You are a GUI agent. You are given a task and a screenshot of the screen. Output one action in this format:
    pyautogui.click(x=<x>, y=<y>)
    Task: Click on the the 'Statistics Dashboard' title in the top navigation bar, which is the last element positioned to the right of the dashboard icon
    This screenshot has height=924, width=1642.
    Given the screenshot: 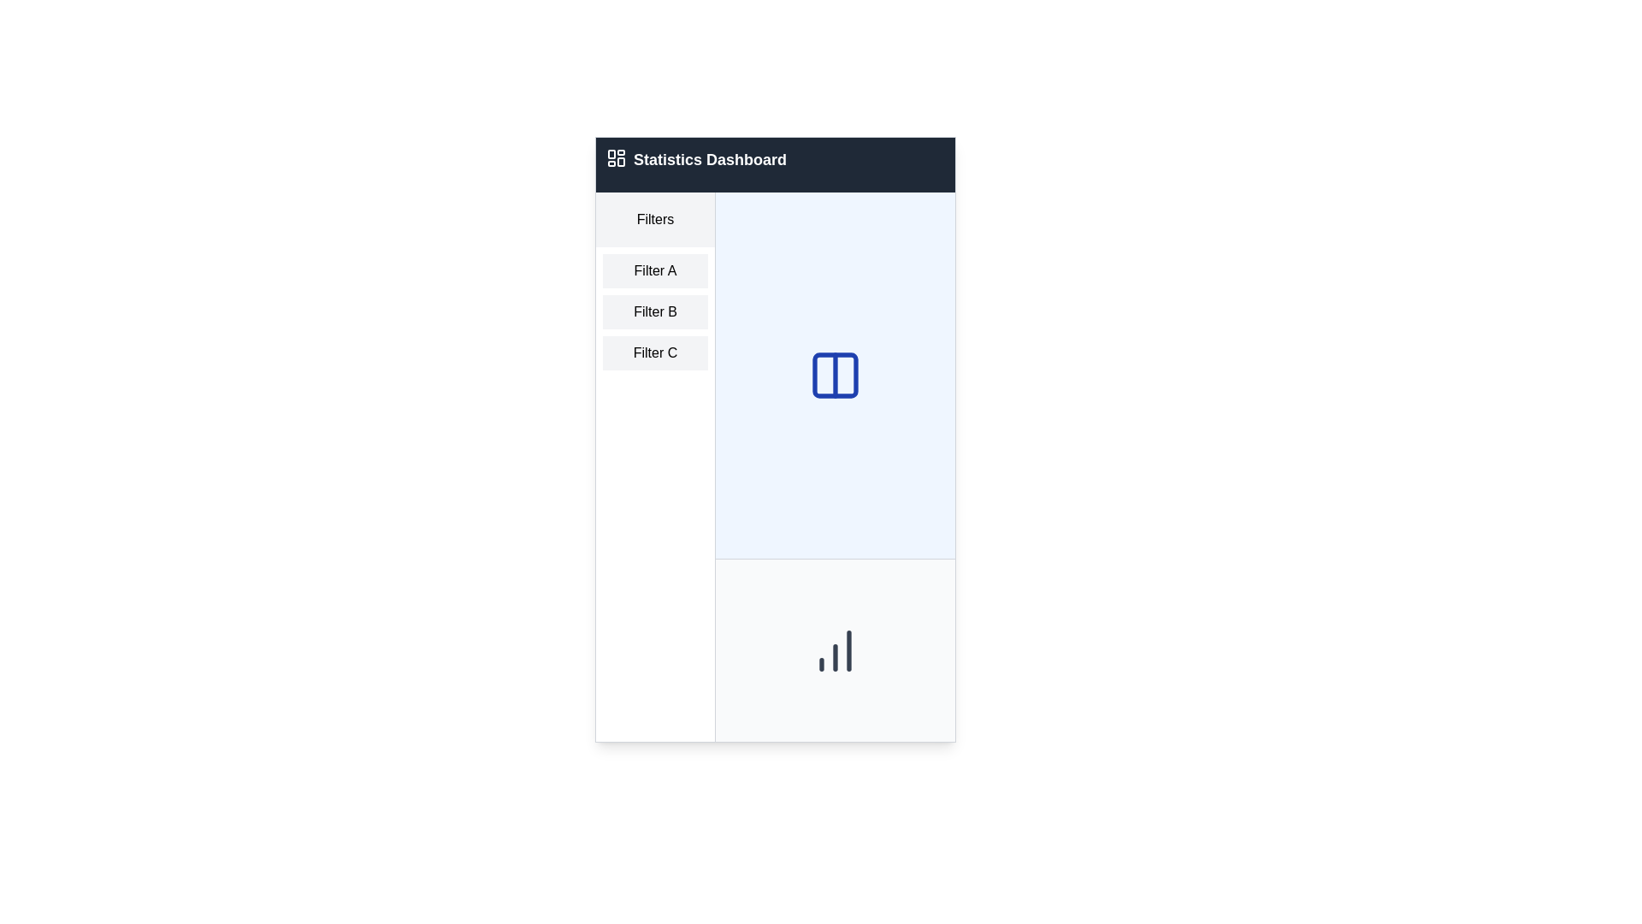 What is the action you would take?
    pyautogui.click(x=710, y=164)
    